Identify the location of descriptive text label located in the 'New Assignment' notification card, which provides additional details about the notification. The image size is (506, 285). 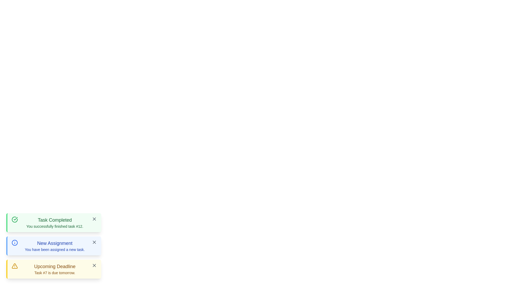
(55, 249).